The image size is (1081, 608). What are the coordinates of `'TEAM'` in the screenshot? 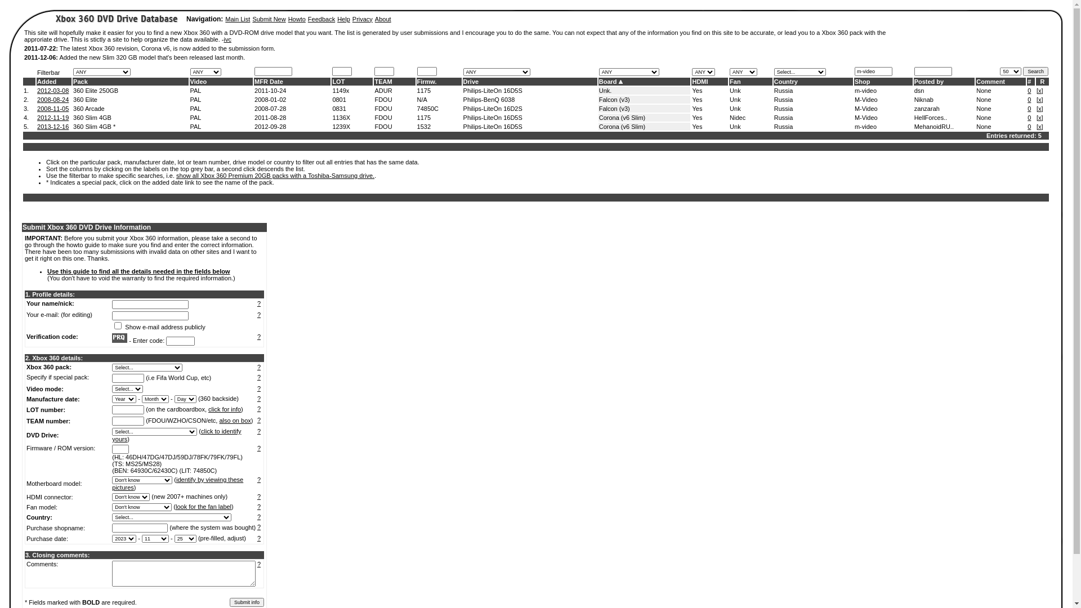 It's located at (383, 81).